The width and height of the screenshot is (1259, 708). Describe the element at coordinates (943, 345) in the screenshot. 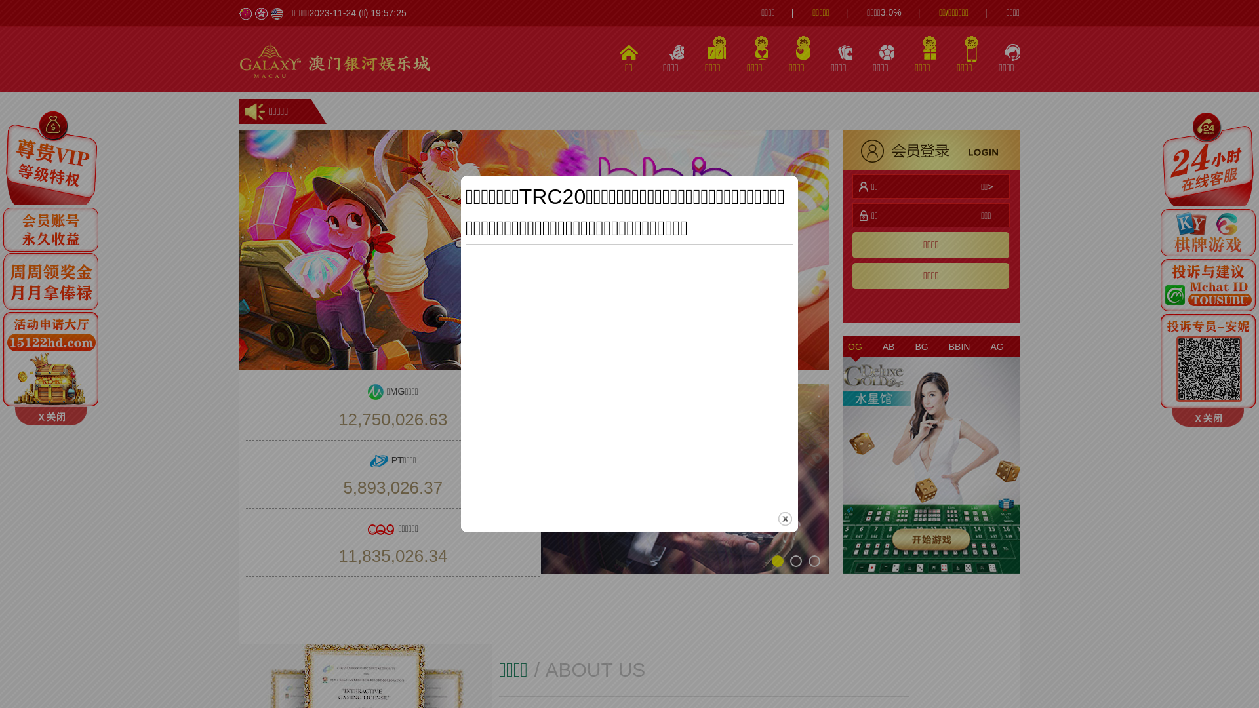

I see `'BBIN'` at that location.